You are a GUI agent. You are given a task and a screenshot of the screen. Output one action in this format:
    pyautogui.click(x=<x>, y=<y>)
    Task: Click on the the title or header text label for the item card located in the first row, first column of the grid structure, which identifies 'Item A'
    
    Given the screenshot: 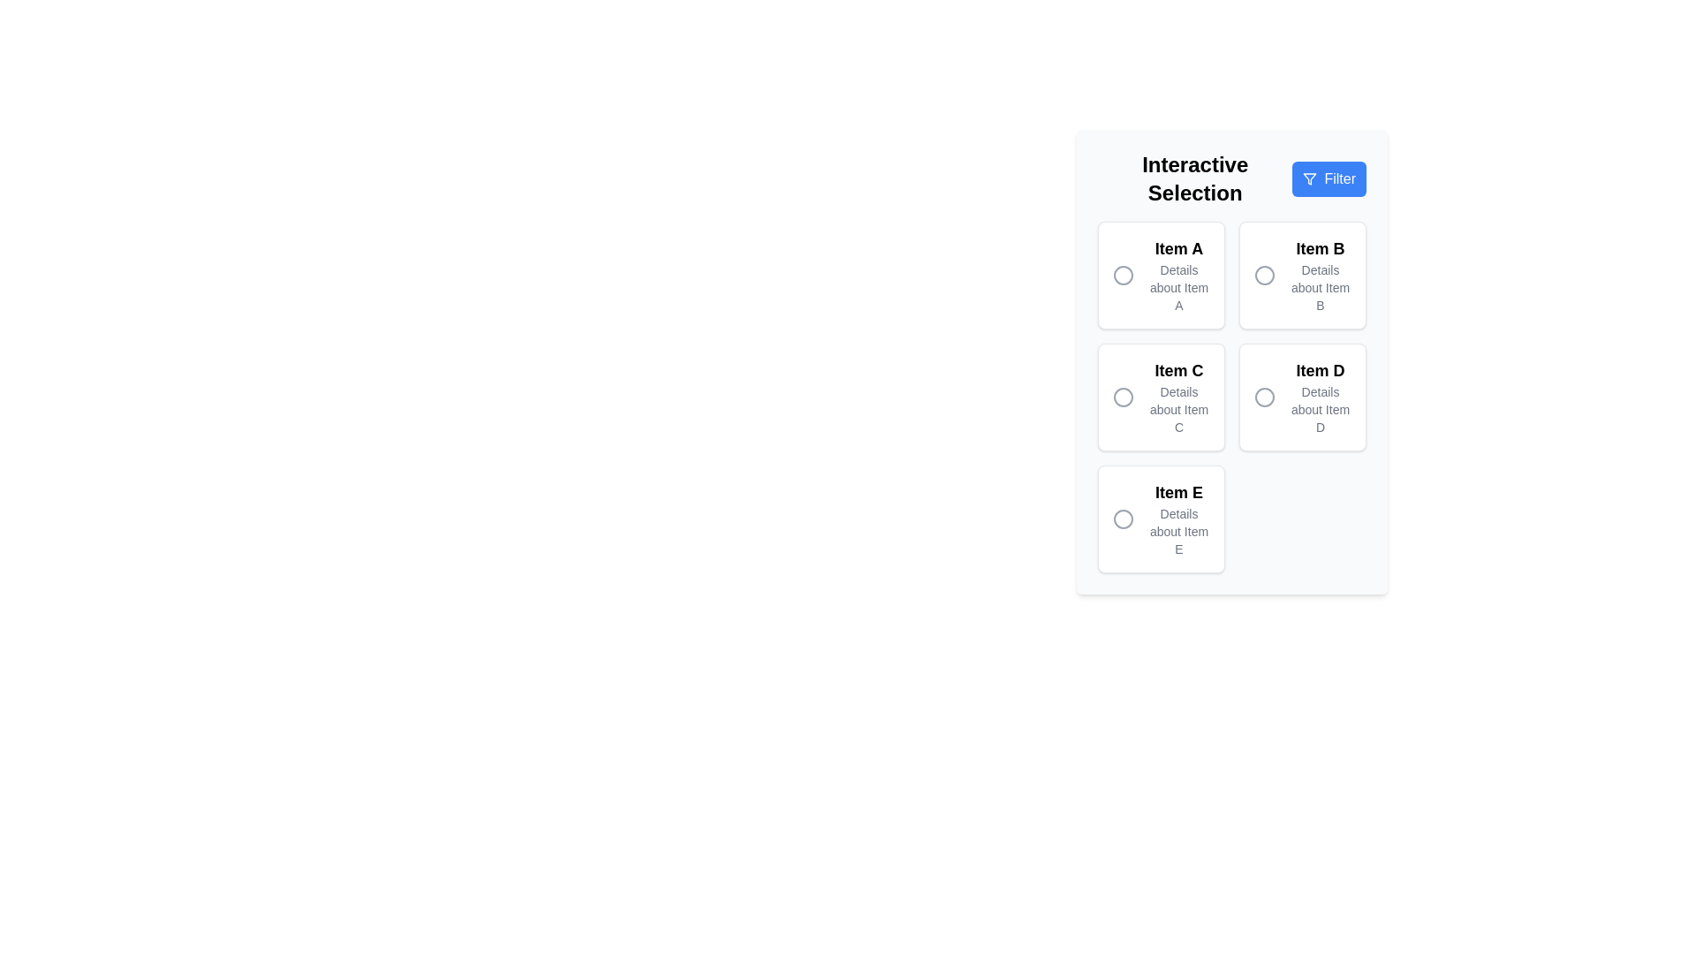 What is the action you would take?
    pyautogui.click(x=1178, y=248)
    